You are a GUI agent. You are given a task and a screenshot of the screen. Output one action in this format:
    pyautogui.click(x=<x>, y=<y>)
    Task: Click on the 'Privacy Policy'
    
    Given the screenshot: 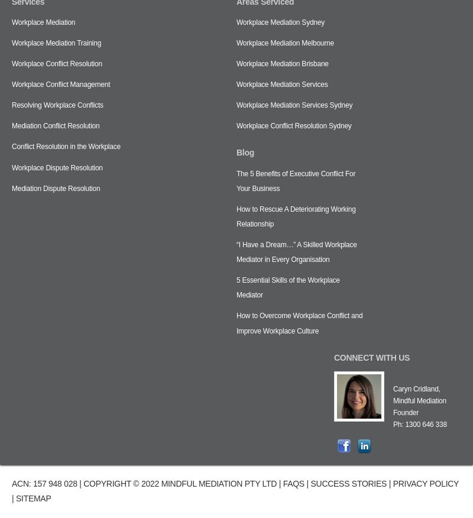 What is the action you would take?
    pyautogui.click(x=425, y=482)
    